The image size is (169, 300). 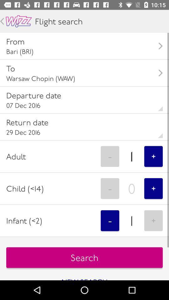 What do you see at coordinates (110, 188) in the screenshot?
I see `icon to the right of child (<14) icon` at bounding box center [110, 188].